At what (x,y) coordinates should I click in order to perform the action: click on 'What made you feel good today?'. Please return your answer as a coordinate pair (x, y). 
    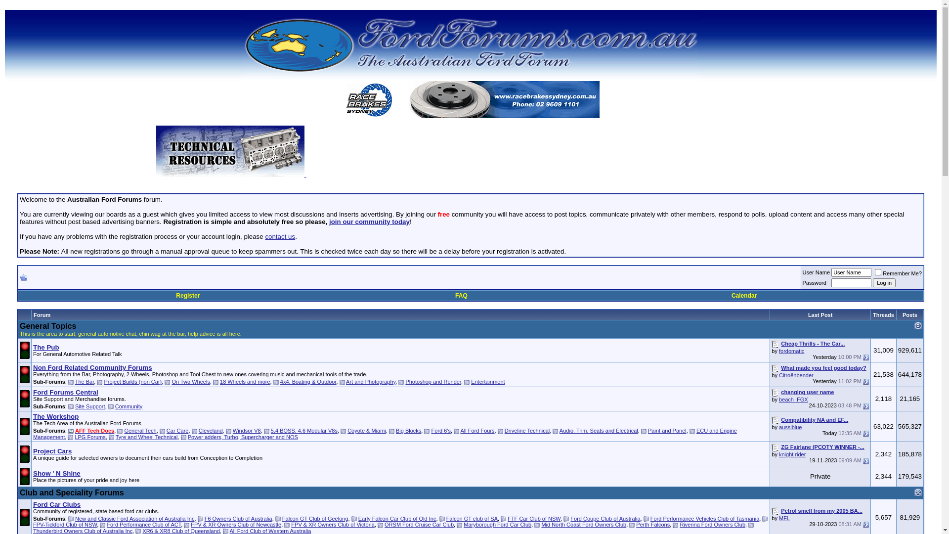
    Looking at the image, I should click on (823, 368).